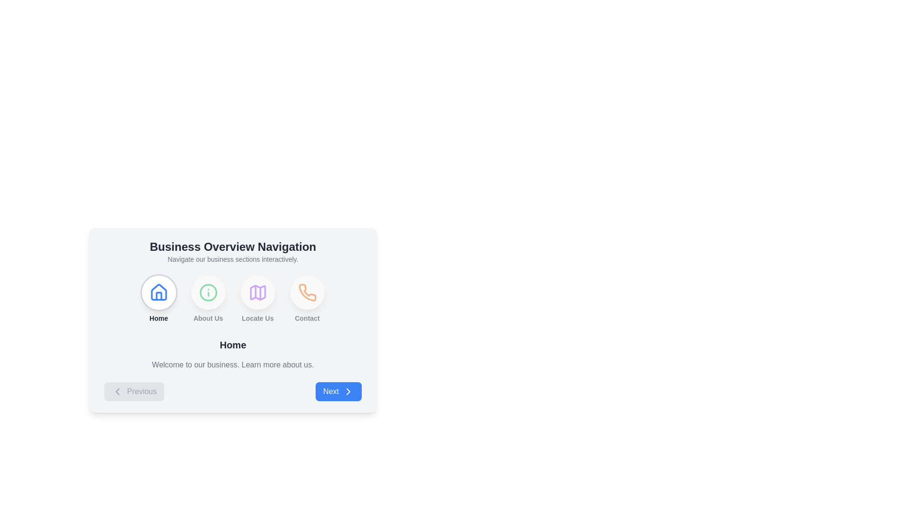 The width and height of the screenshot is (914, 514). I want to click on Text Label located below the circular 'i' icon in the 'Business Overview Navigation' section to understand the associated feature, so click(208, 318).